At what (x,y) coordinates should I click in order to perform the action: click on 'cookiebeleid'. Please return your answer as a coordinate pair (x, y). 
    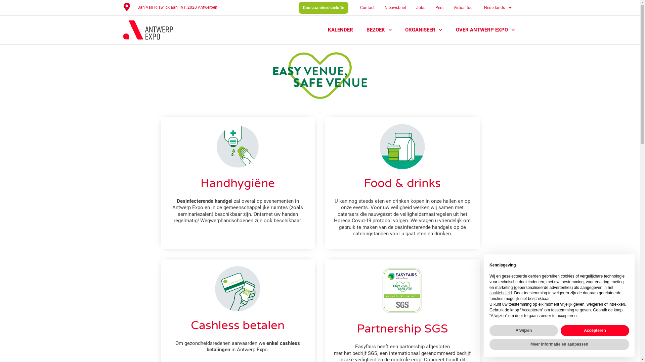
    Looking at the image, I should click on (501, 293).